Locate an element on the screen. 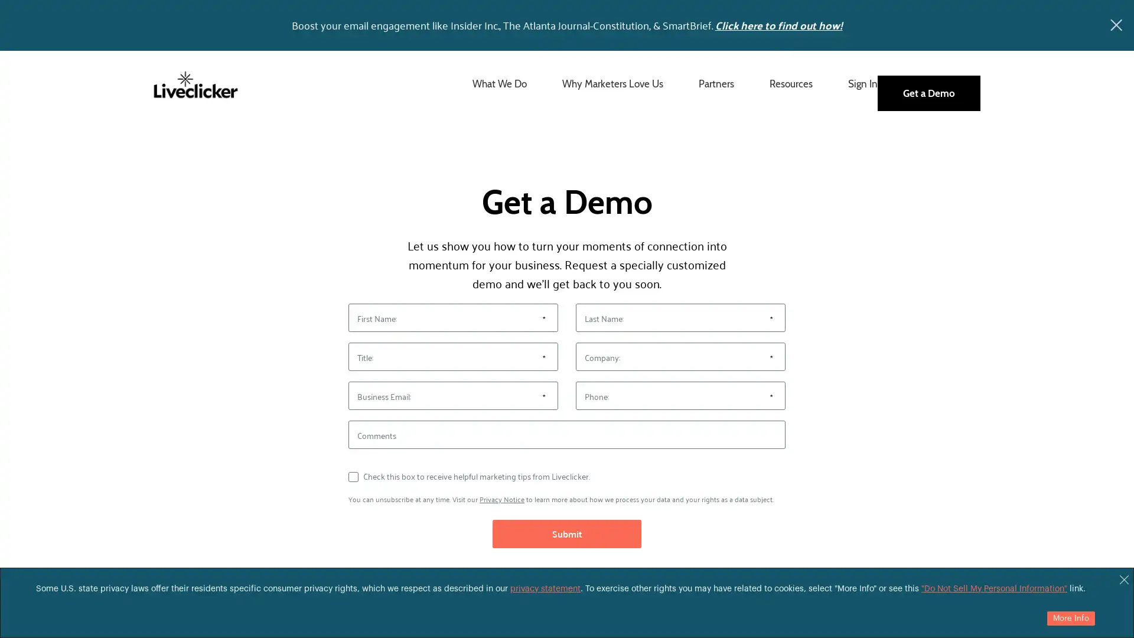 This screenshot has width=1134, height=638. Submit is located at coordinates (567, 515).